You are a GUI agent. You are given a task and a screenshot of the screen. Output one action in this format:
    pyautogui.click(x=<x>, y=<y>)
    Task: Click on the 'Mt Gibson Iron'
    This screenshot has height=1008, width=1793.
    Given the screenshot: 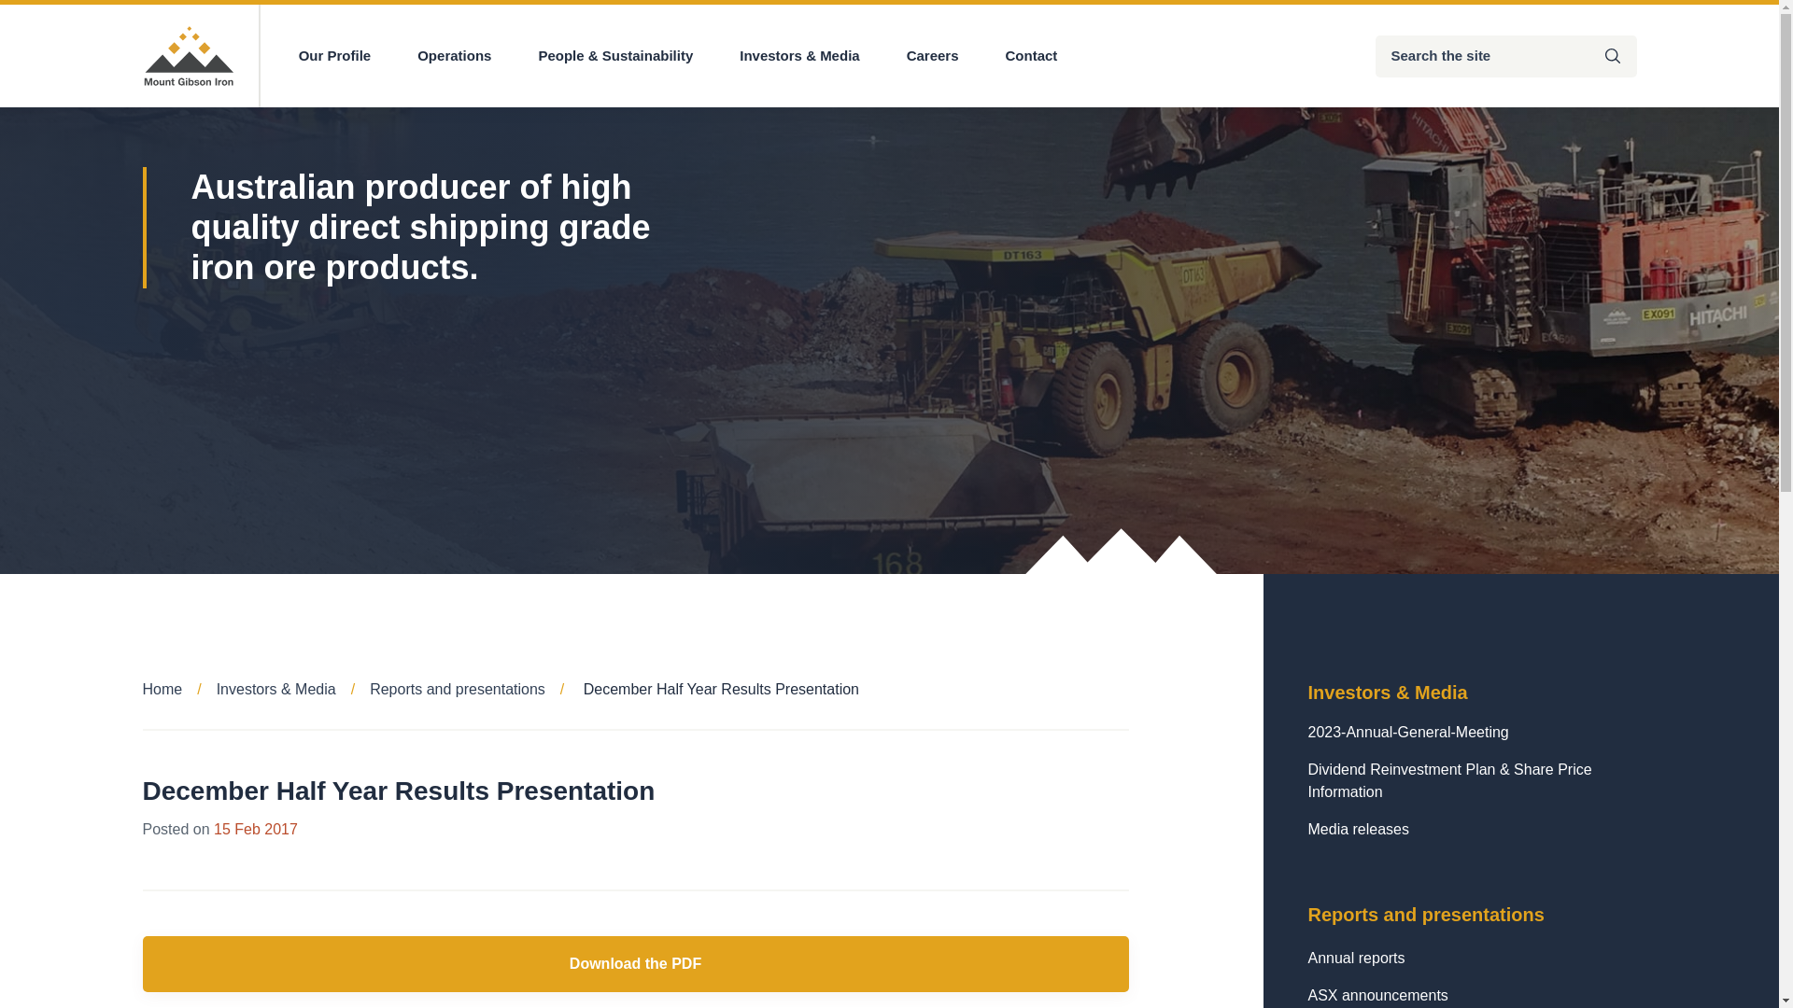 What is the action you would take?
    pyautogui.click(x=189, y=55)
    